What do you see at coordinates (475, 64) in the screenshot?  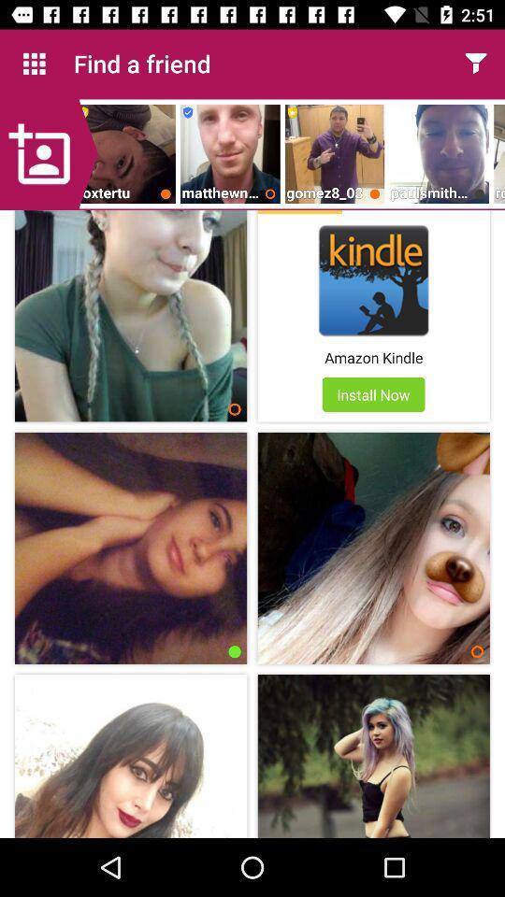 I see `open the menu` at bounding box center [475, 64].